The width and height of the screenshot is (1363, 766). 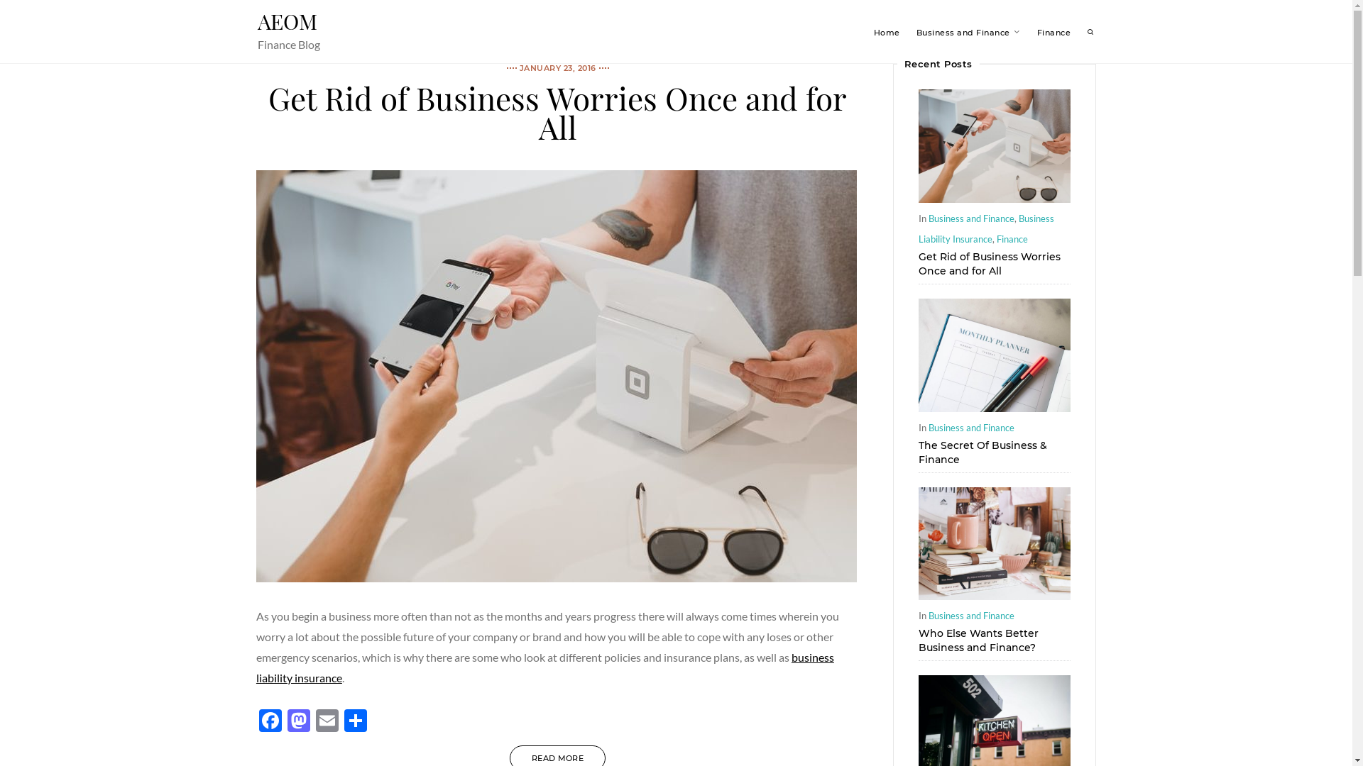 What do you see at coordinates (994, 198) in the screenshot?
I see `'Get Rid of Business Worries Once and for All'` at bounding box center [994, 198].